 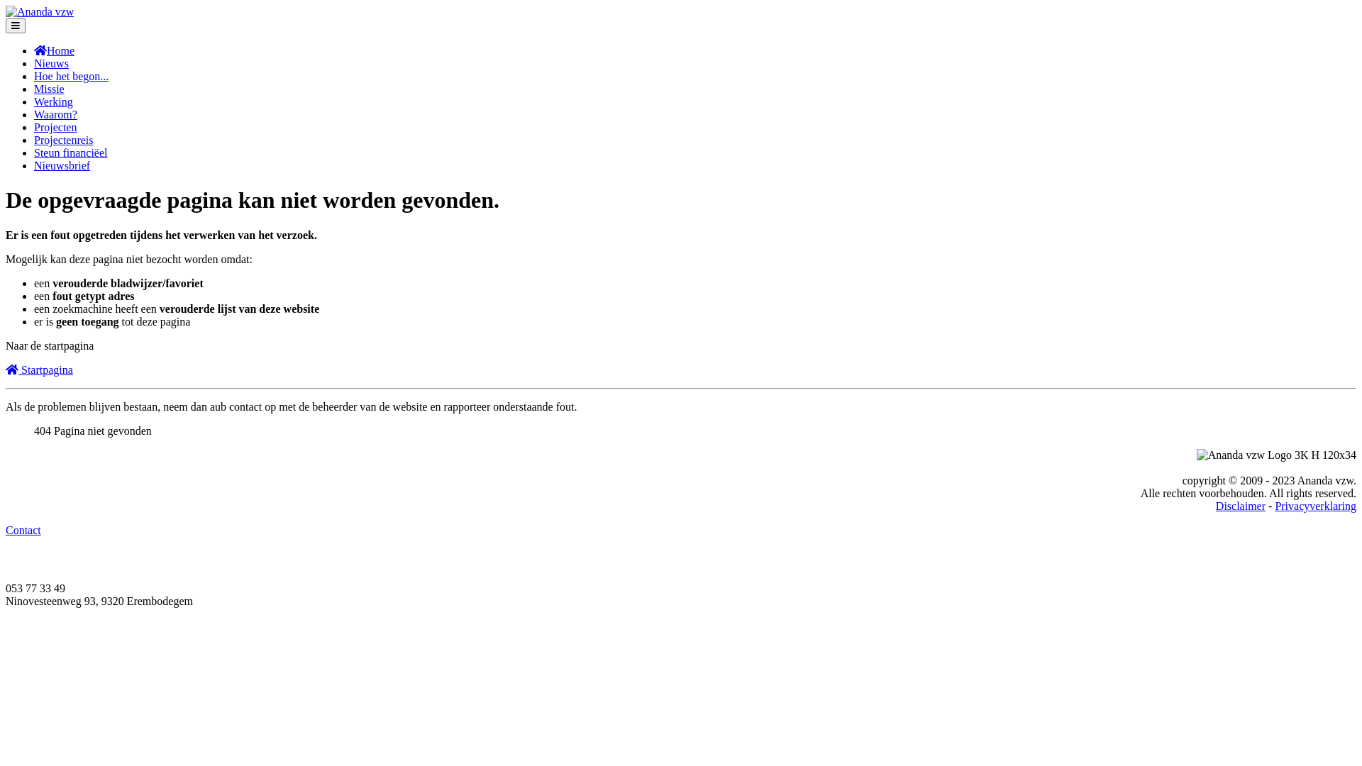 What do you see at coordinates (34, 76) in the screenshot?
I see `'Hoe het begon...'` at bounding box center [34, 76].